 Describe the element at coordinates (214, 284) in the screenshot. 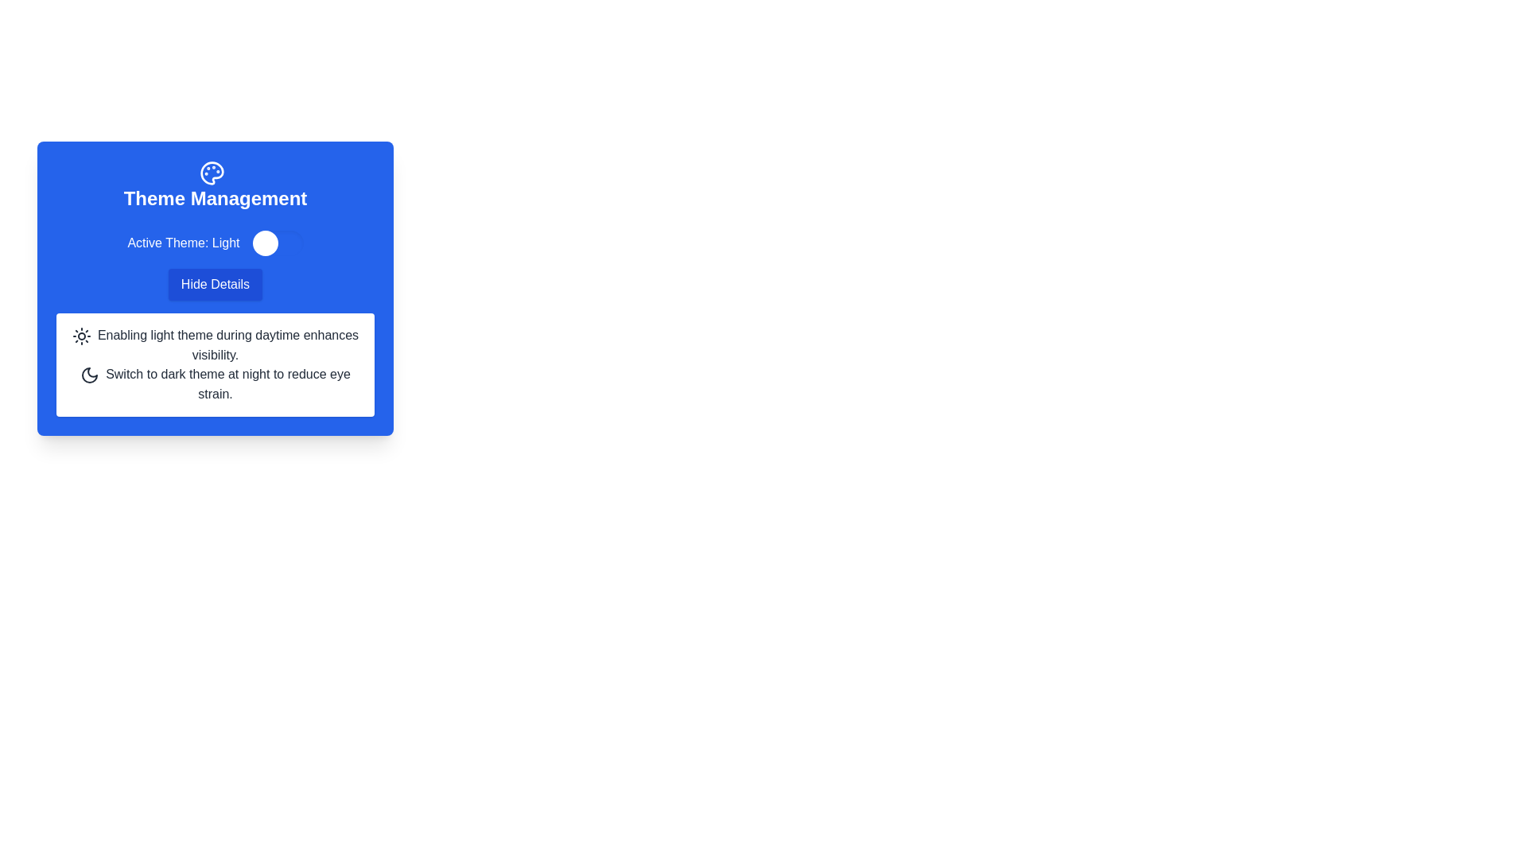

I see `the rectangular button with rounded edges and a blue background that contains the text 'Hide Details' to hide additional details` at that location.